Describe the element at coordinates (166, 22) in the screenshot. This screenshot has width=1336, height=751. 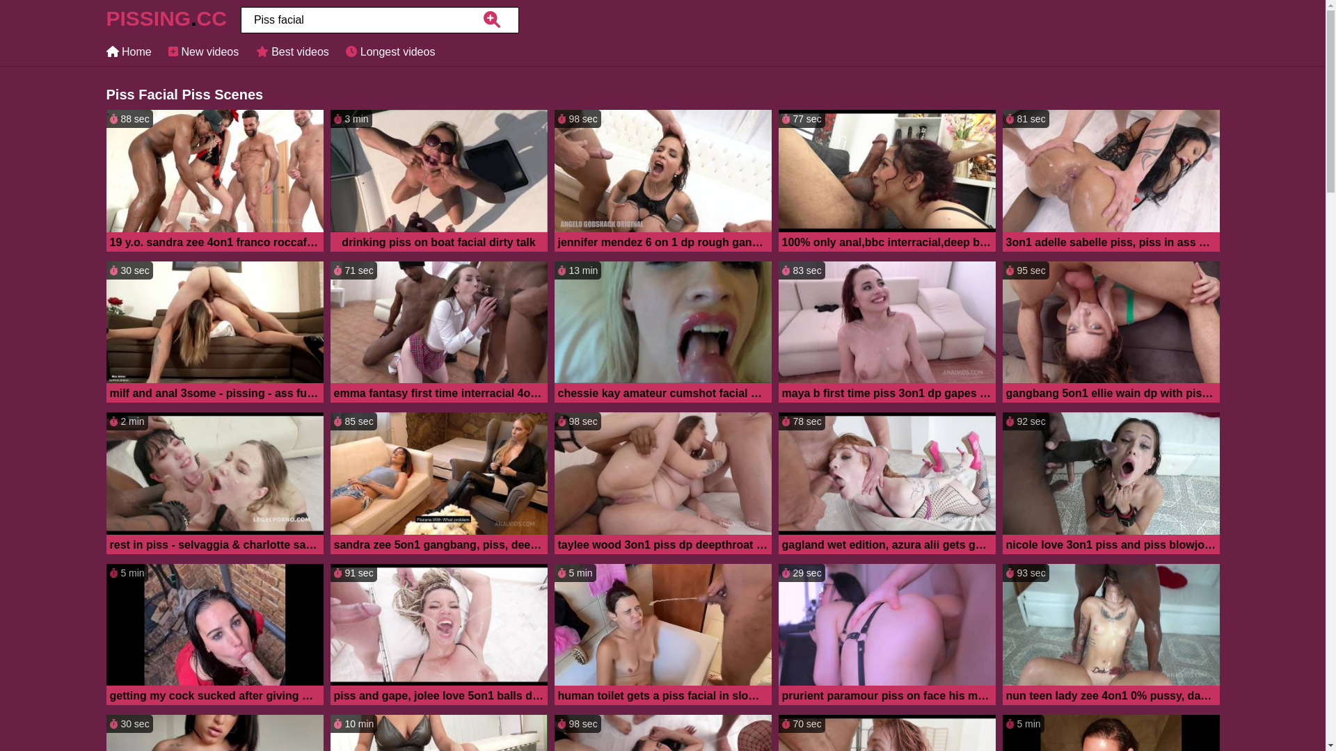
I see `'PISSING.CC'` at that location.